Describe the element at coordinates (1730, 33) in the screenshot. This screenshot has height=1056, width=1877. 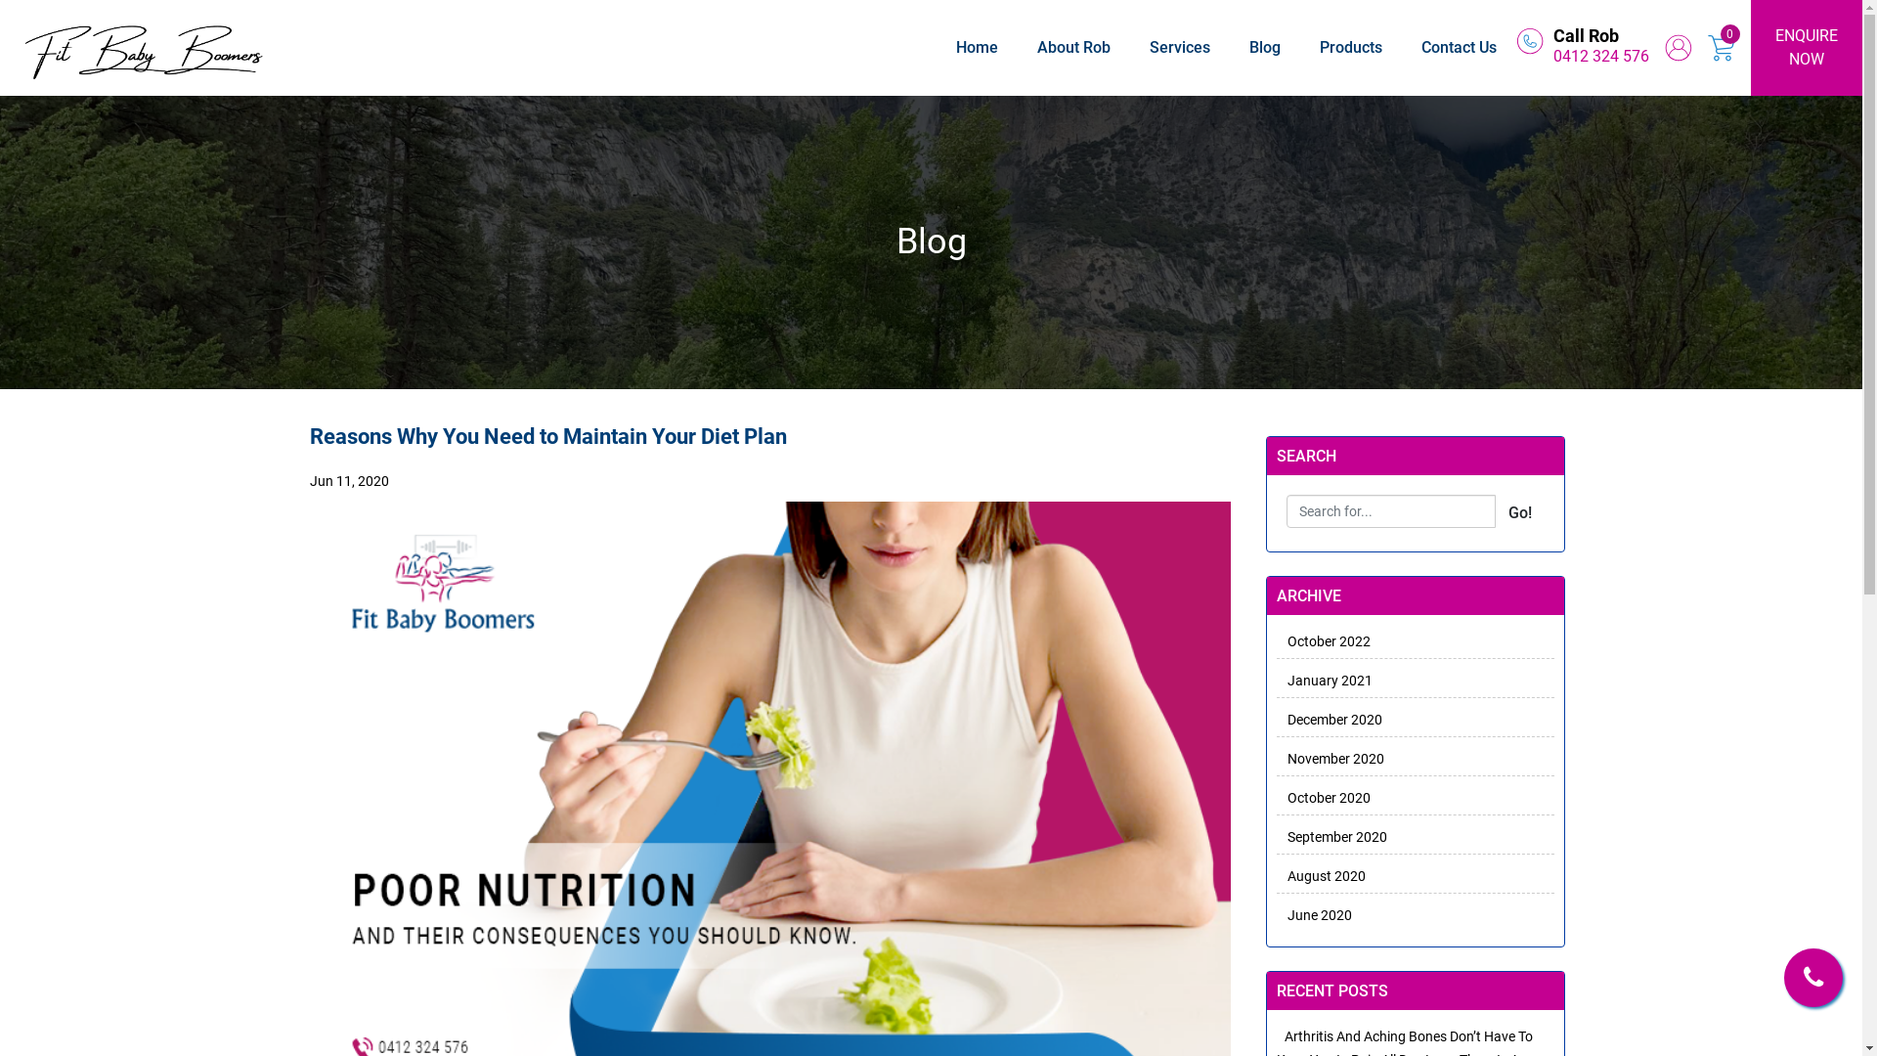
I see `'0'` at that location.